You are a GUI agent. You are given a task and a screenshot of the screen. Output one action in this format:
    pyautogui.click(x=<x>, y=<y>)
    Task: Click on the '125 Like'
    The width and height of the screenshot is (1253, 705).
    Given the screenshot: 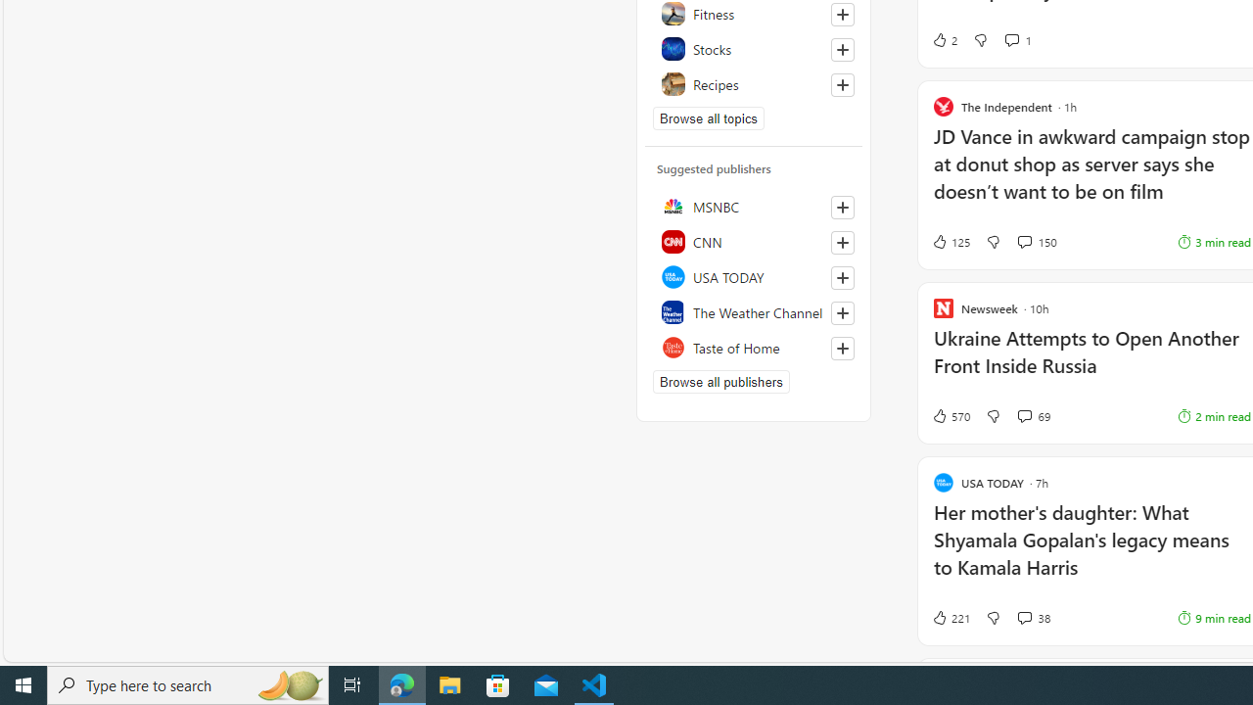 What is the action you would take?
    pyautogui.click(x=950, y=240)
    